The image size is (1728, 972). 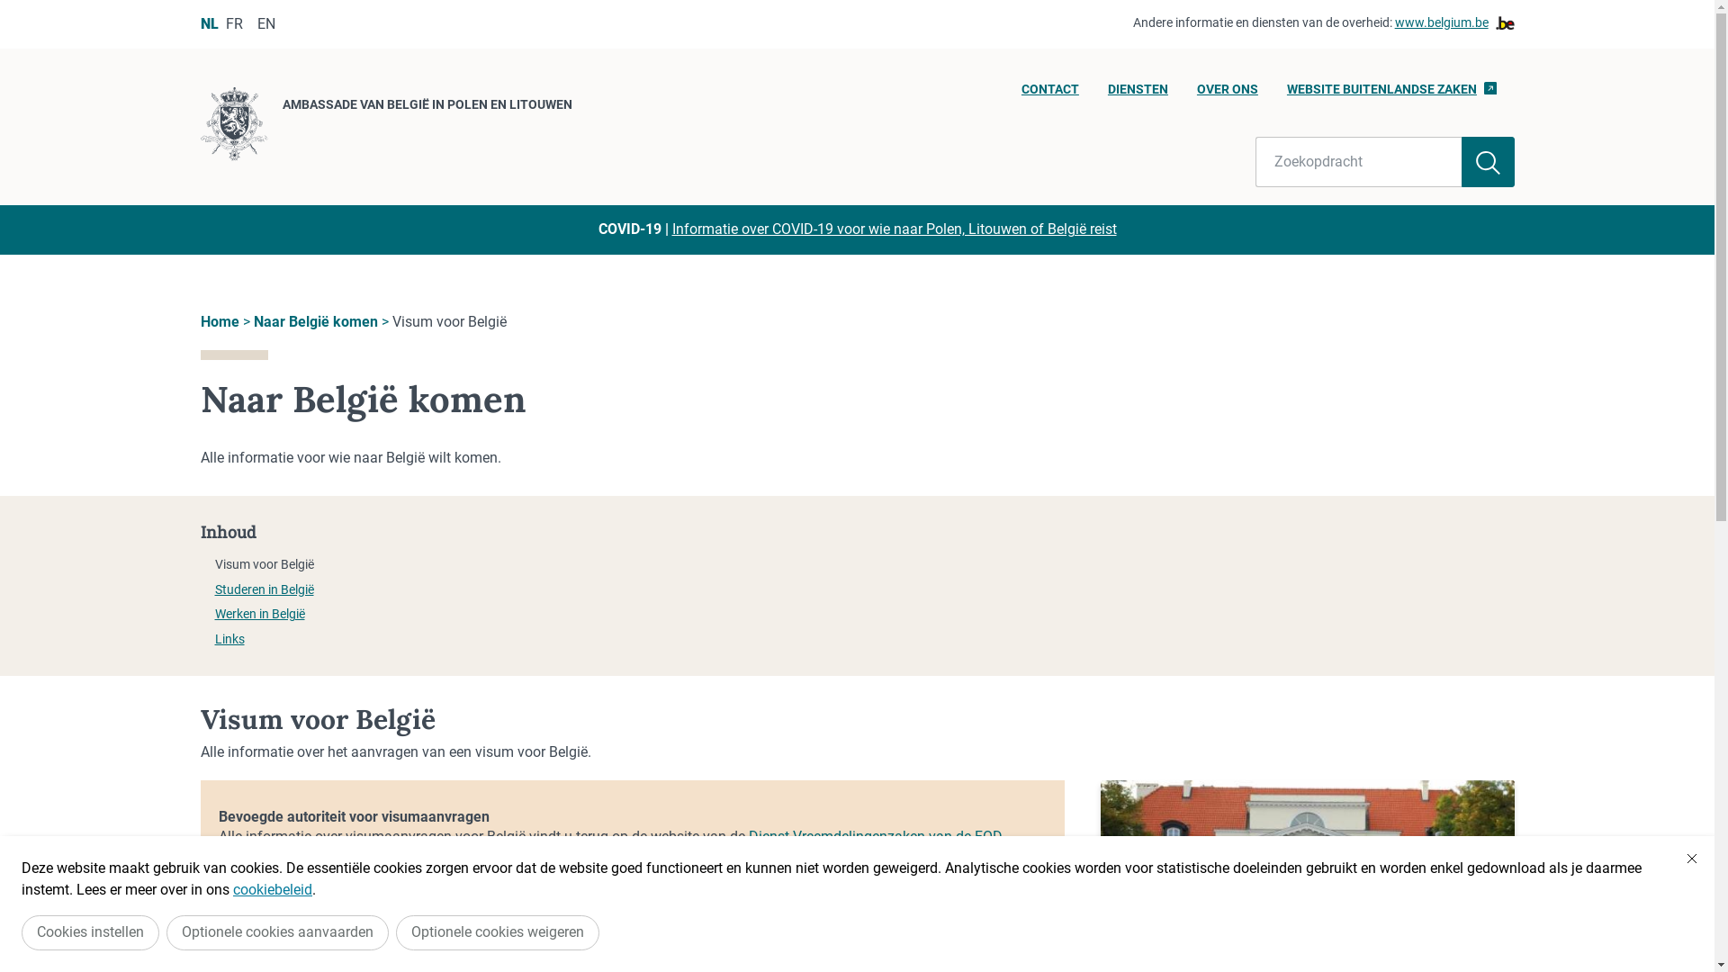 What do you see at coordinates (1359, 162) in the screenshot?
I see `'Zoekopdracht'` at bounding box center [1359, 162].